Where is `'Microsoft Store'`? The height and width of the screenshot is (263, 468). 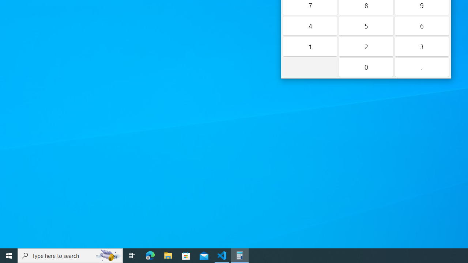 'Microsoft Store' is located at coordinates (186, 255).